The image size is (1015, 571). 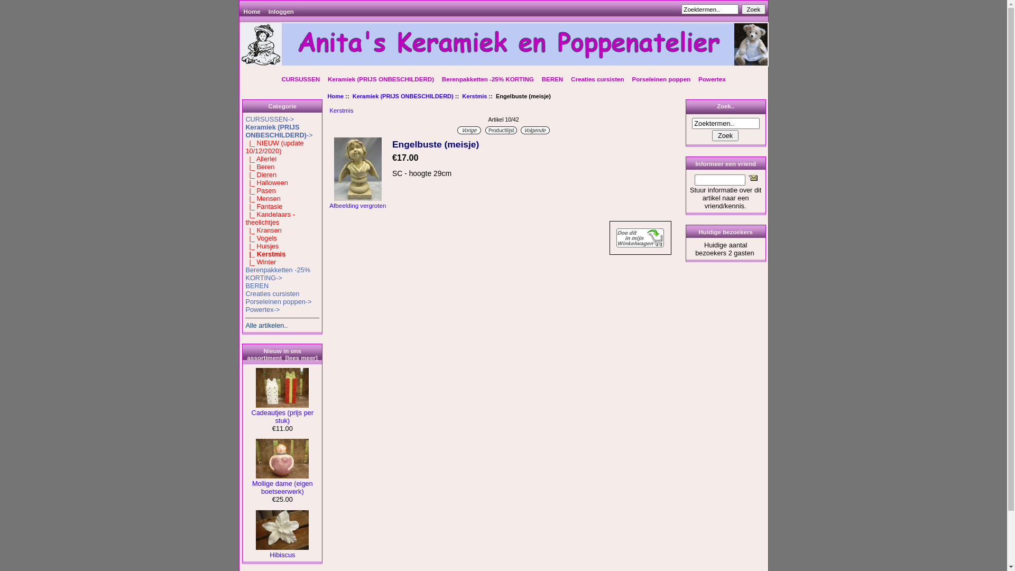 I want to click on '  |_ Vogels', so click(x=261, y=238).